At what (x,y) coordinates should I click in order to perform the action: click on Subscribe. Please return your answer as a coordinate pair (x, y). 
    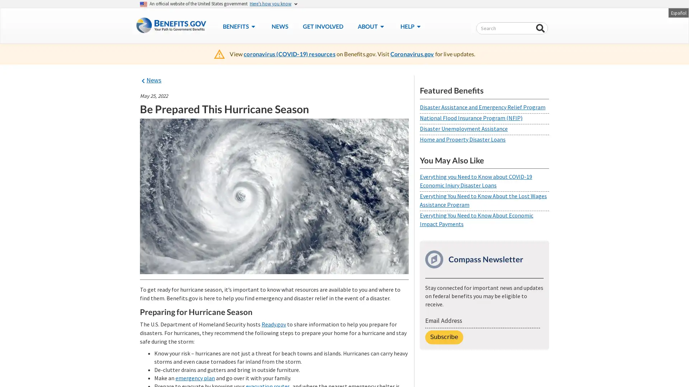
    Looking at the image, I should click on (444, 337).